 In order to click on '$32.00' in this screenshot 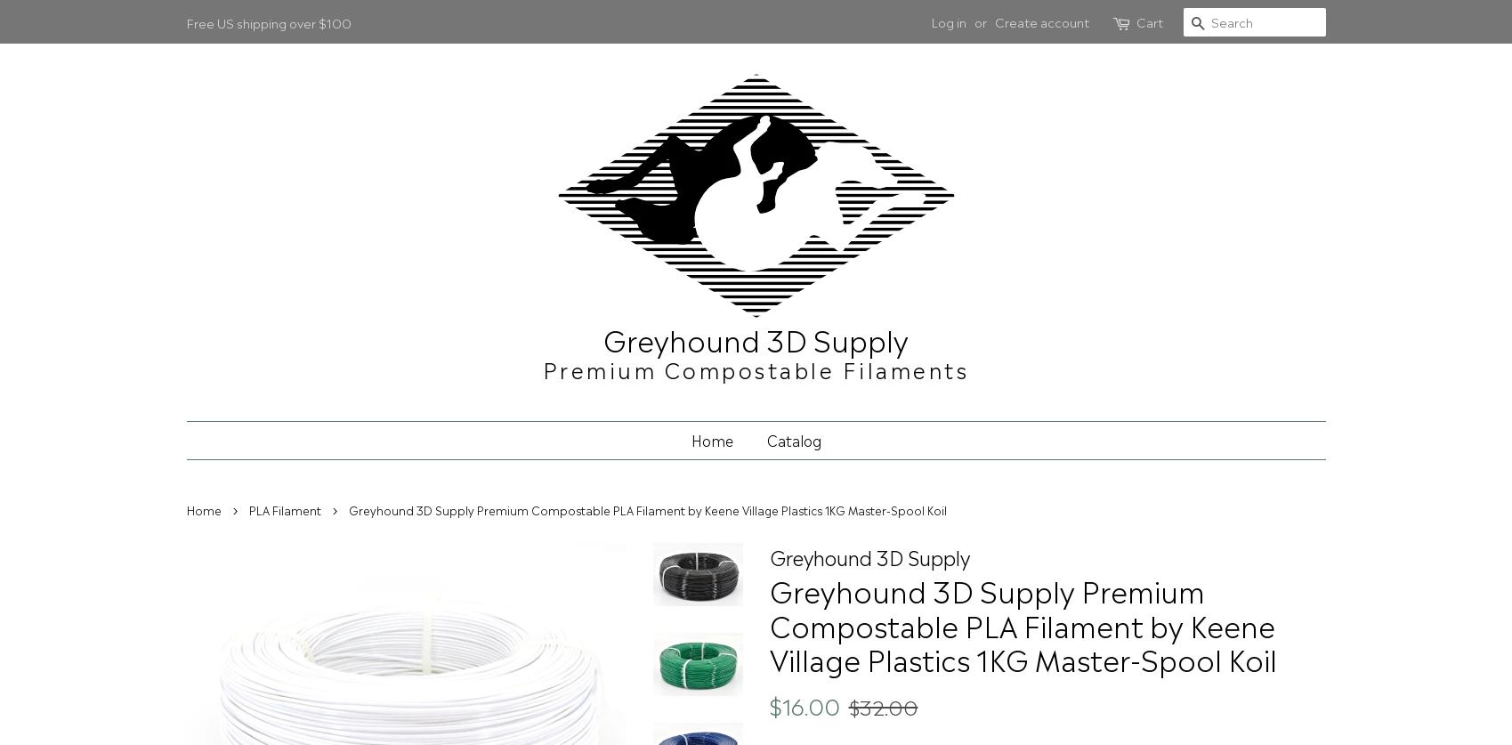, I will do `click(883, 704)`.